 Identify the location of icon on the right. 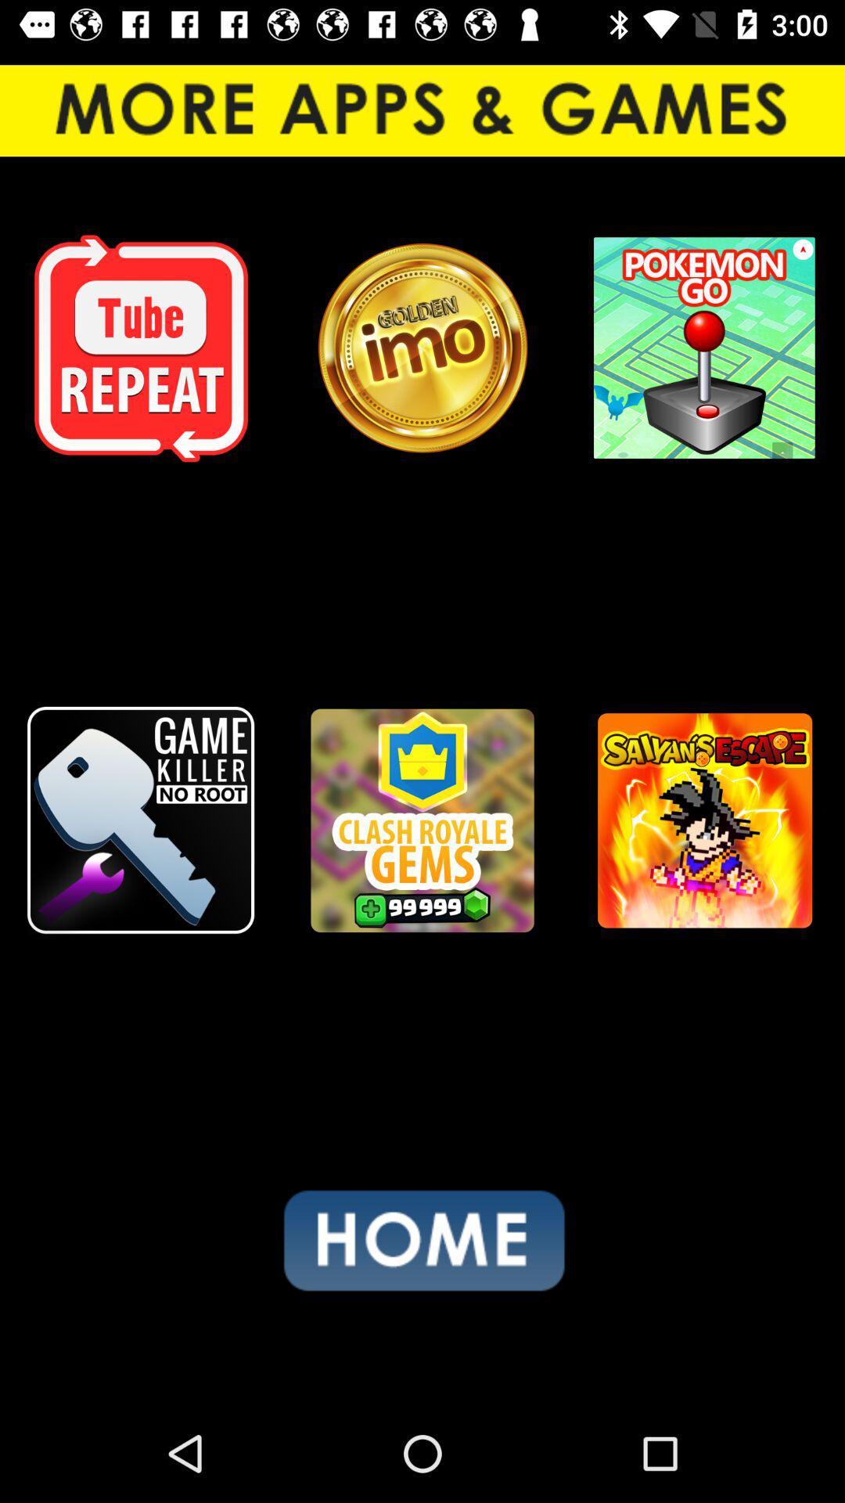
(703, 820).